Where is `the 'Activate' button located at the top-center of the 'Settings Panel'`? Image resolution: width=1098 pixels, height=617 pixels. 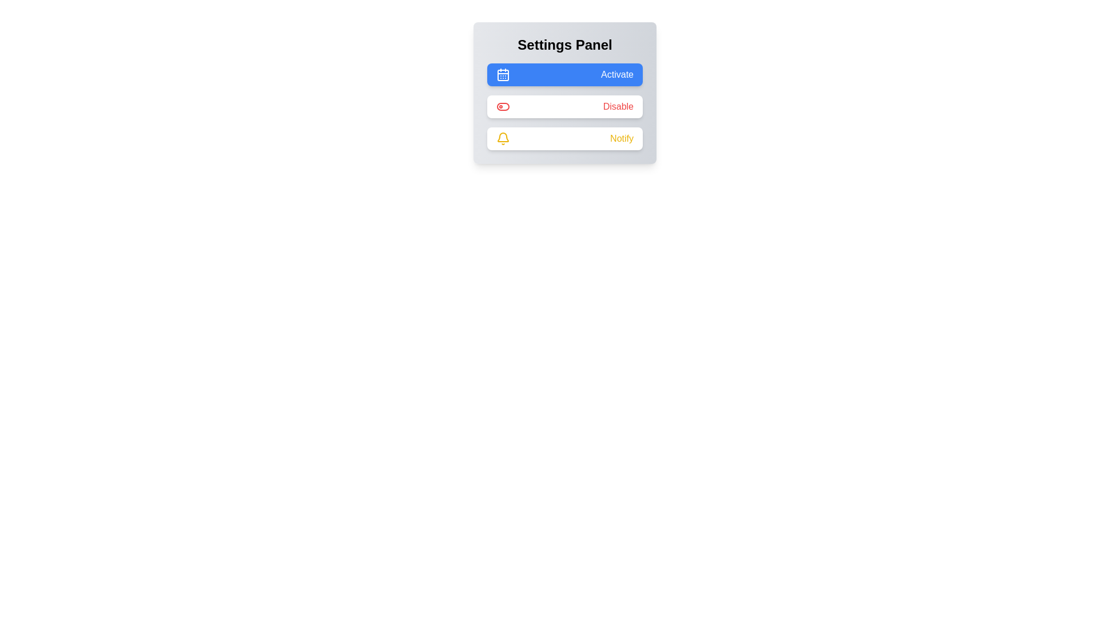
the 'Activate' button located at the top-center of the 'Settings Panel' is located at coordinates (565, 75).